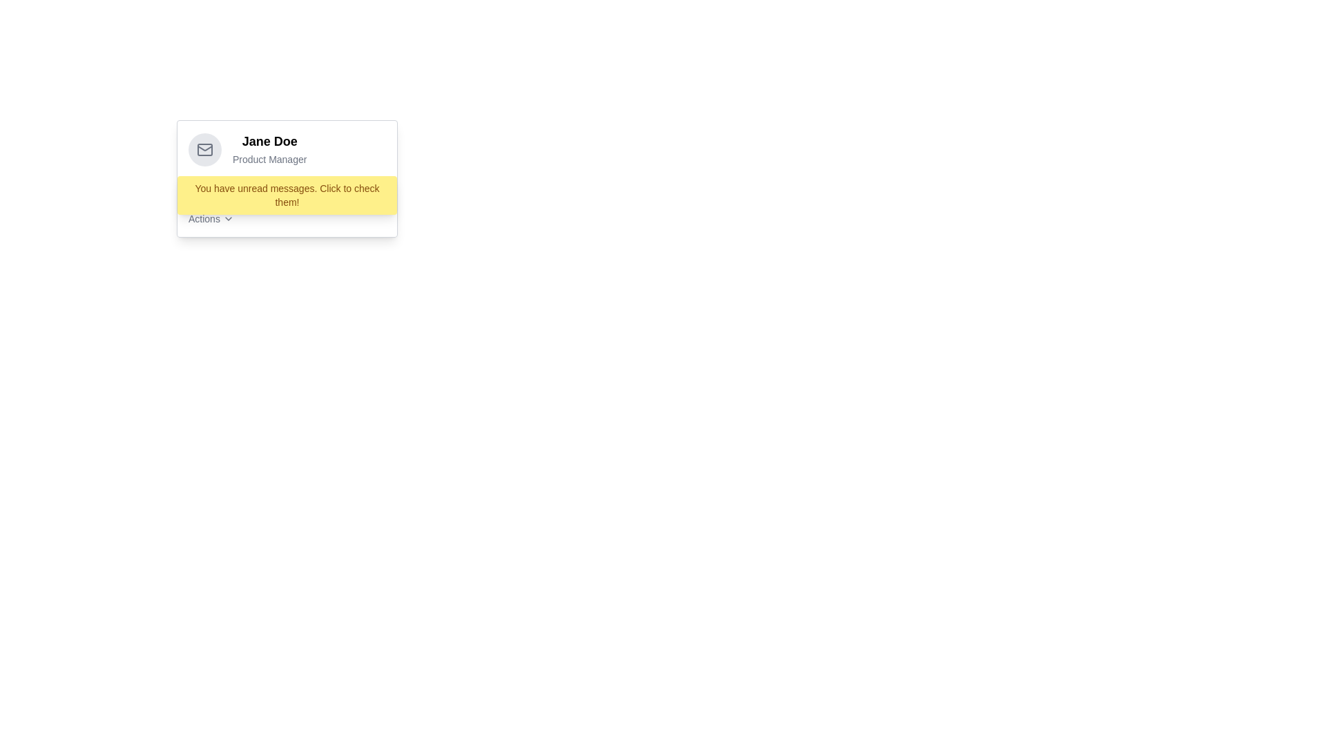 This screenshot has height=746, width=1326. Describe the element at coordinates (269, 141) in the screenshot. I see `the static text label displaying 'Jane Doe', which is positioned in the left section of the user information card, above the 'Product Manager' label` at that location.